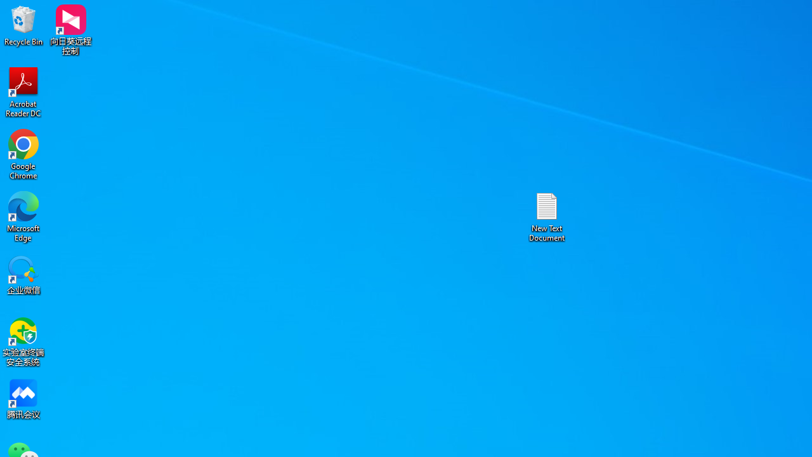 The width and height of the screenshot is (812, 457). Describe the element at coordinates (547, 216) in the screenshot. I see `'New Text Document'` at that location.